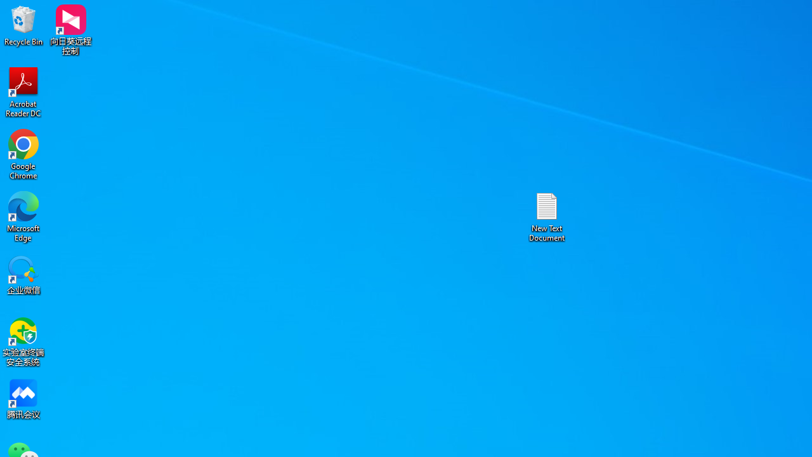 The width and height of the screenshot is (812, 457). Describe the element at coordinates (547, 216) in the screenshot. I see `'New Text Document'` at that location.